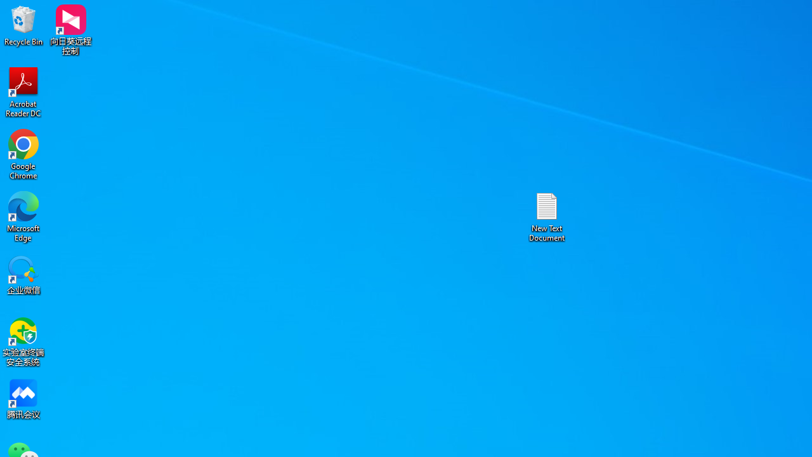 The width and height of the screenshot is (812, 457). Describe the element at coordinates (547, 216) in the screenshot. I see `'New Text Document'` at that location.